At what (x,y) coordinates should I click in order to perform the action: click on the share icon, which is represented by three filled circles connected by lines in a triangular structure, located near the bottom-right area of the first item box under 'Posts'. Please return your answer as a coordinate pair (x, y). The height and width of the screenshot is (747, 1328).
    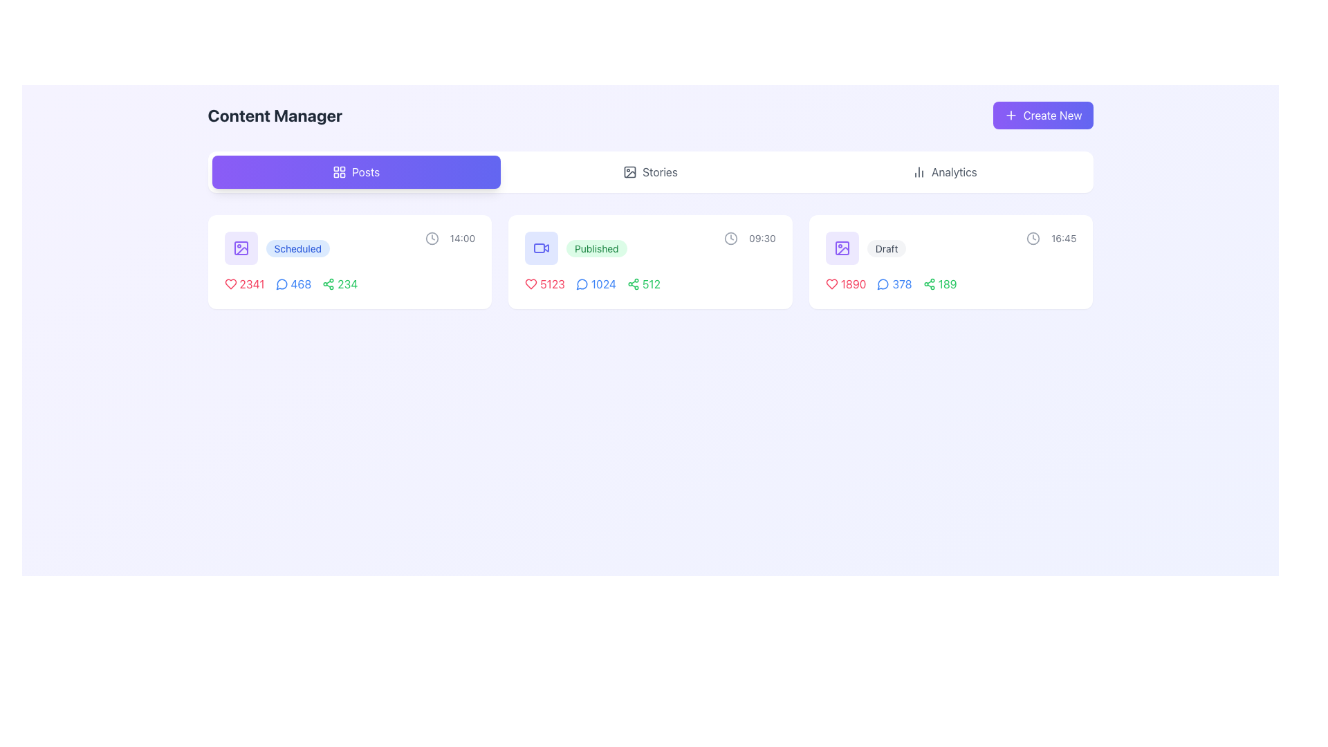
    Looking at the image, I should click on (328, 284).